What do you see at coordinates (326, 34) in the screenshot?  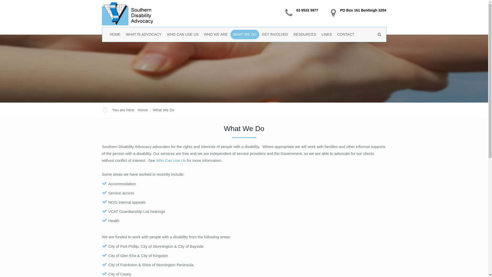 I see `'LINKS'` at bounding box center [326, 34].